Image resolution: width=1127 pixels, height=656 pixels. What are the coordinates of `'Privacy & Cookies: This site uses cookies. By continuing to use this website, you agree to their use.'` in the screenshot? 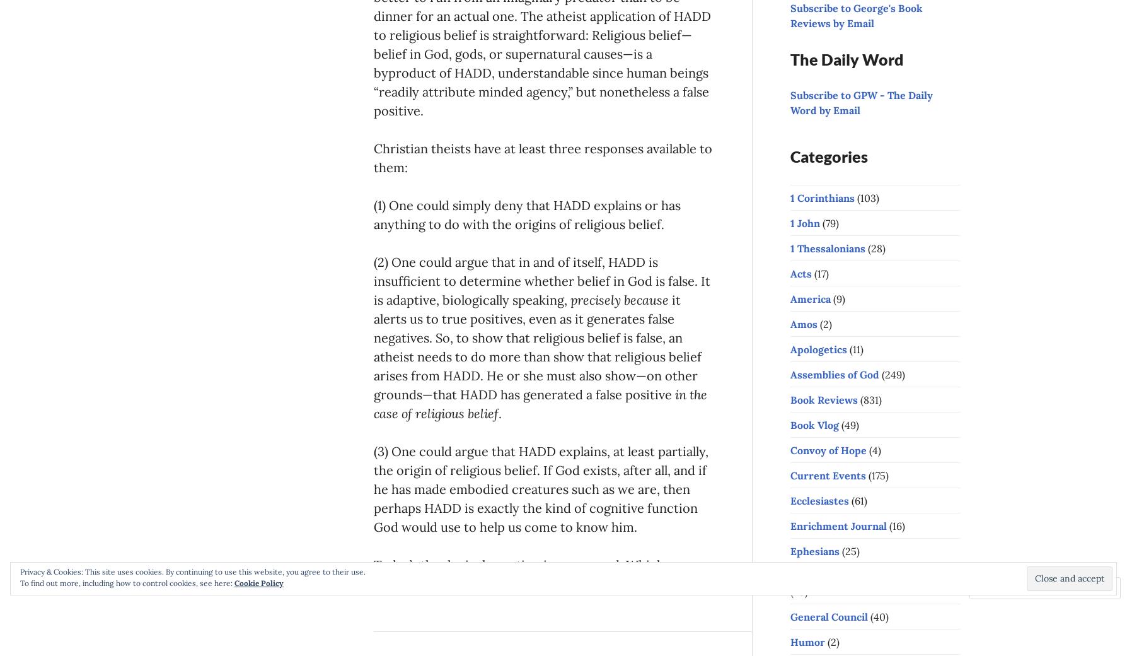 It's located at (20, 571).